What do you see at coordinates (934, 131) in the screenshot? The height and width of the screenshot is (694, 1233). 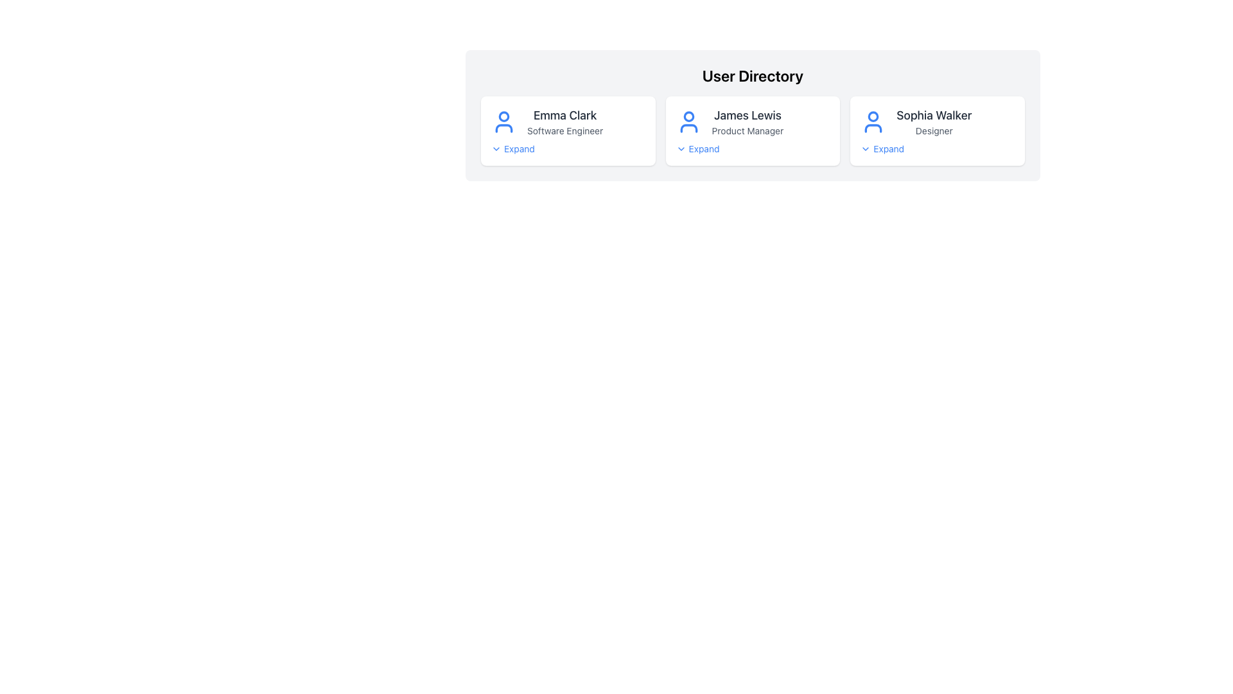 I see `the 'Designer' text label located below 'Sophia Walker' in the user directory profile card` at bounding box center [934, 131].